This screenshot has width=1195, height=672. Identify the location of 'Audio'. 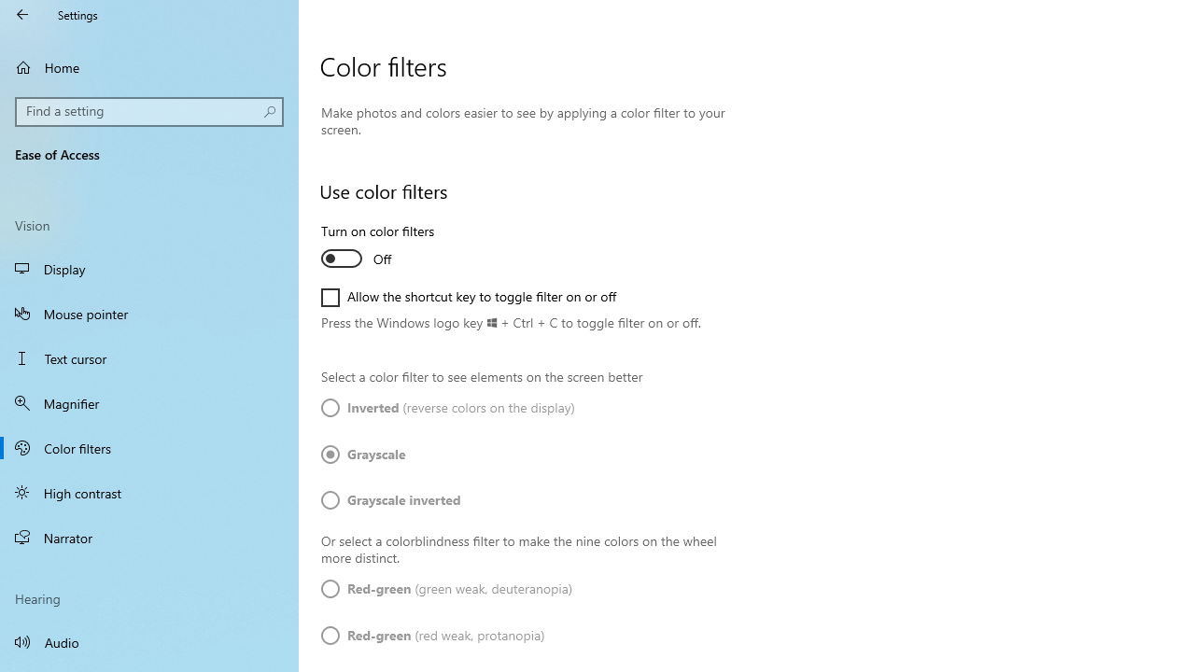
(149, 640).